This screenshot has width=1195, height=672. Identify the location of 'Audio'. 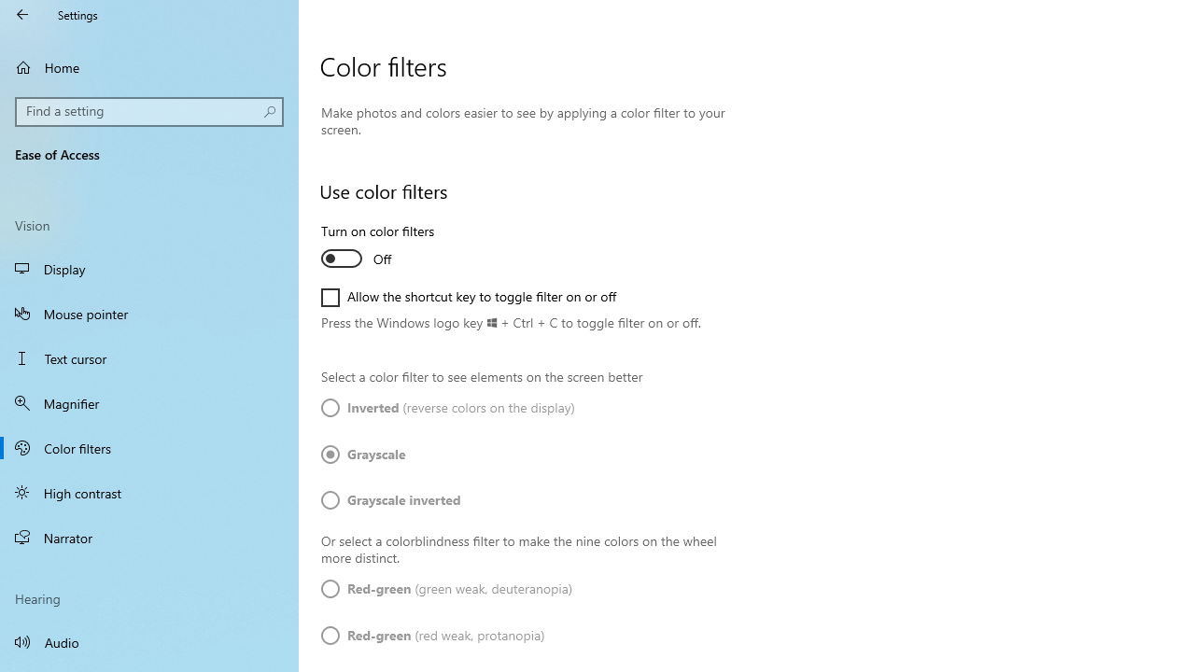
(149, 640).